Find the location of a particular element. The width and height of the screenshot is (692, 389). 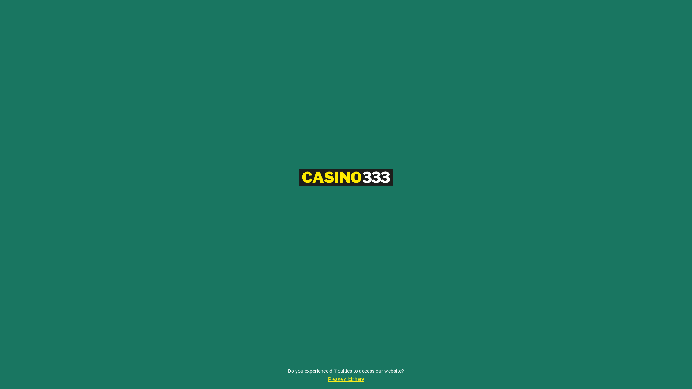

'Please click here' is located at coordinates (346, 379).